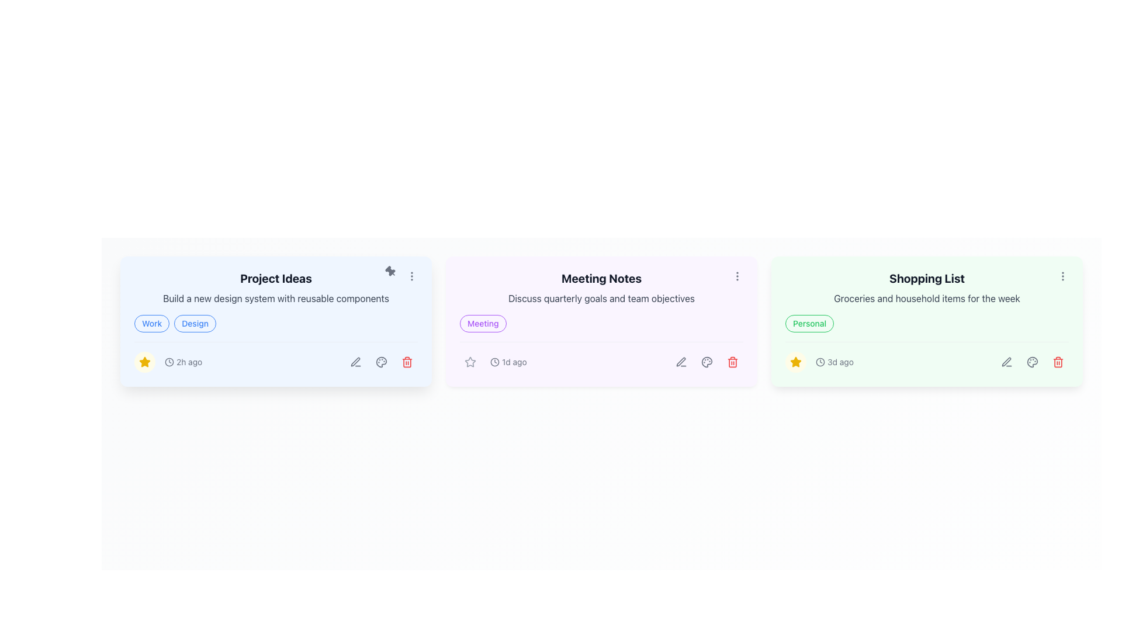 Image resolution: width=1122 pixels, height=631 pixels. I want to click on the Timestamp label located in the lower-left section of the 'Meeting Notes' card, adjacent to the star icon, so click(493, 362).